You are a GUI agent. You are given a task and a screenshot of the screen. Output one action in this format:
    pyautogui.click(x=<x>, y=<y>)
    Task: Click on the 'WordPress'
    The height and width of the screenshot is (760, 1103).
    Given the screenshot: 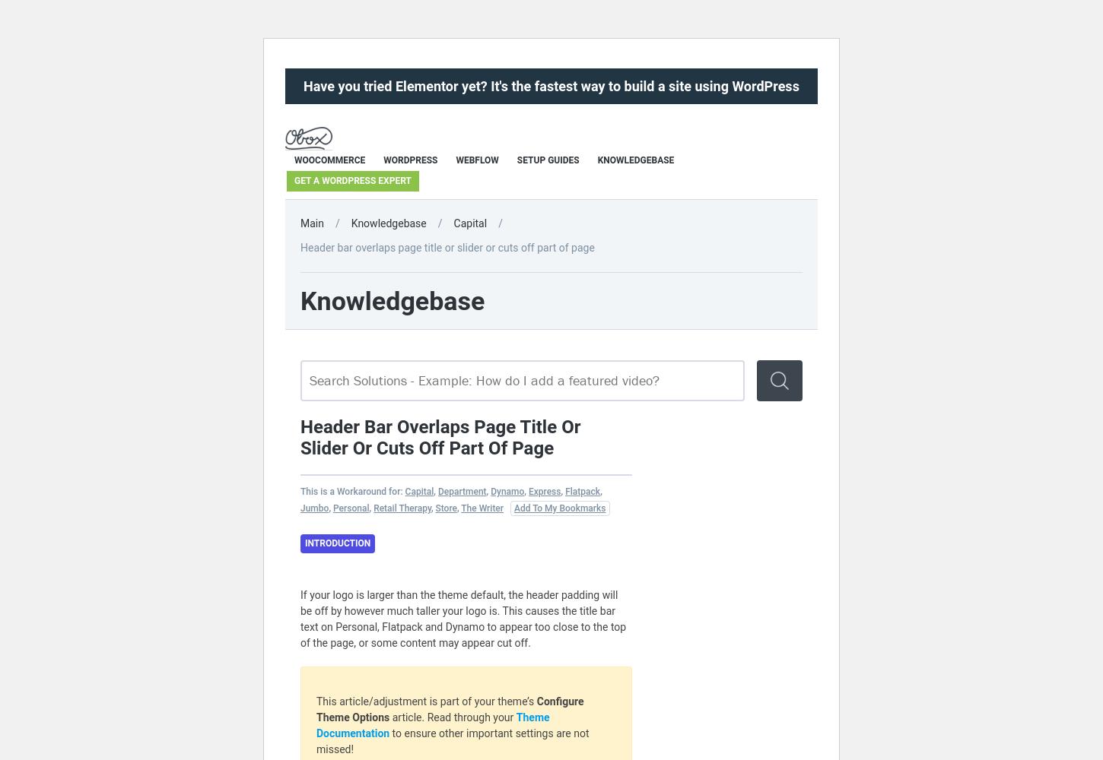 What is the action you would take?
    pyautogui.click(x=410, y=159)
    